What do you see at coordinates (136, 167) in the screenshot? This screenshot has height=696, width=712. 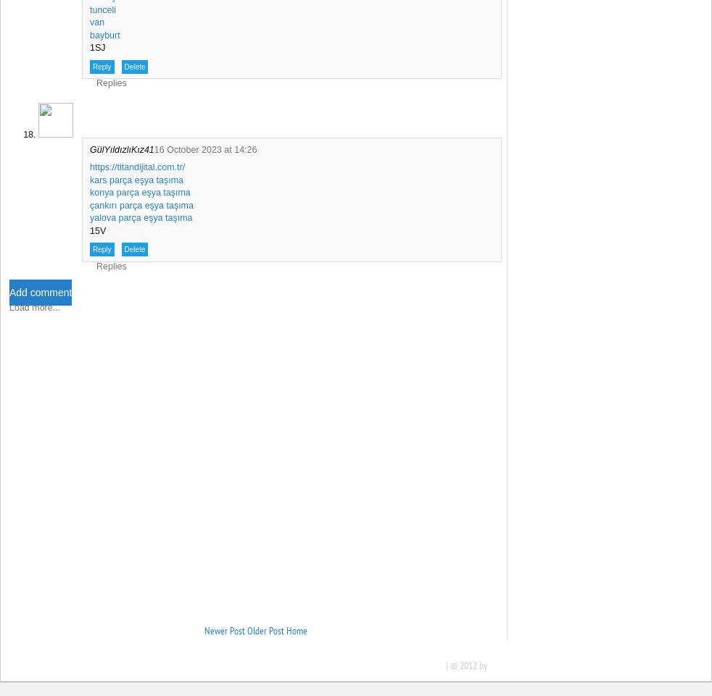 I see `'https://titandijital.com.tr/'` at bounding box center [136, 167].